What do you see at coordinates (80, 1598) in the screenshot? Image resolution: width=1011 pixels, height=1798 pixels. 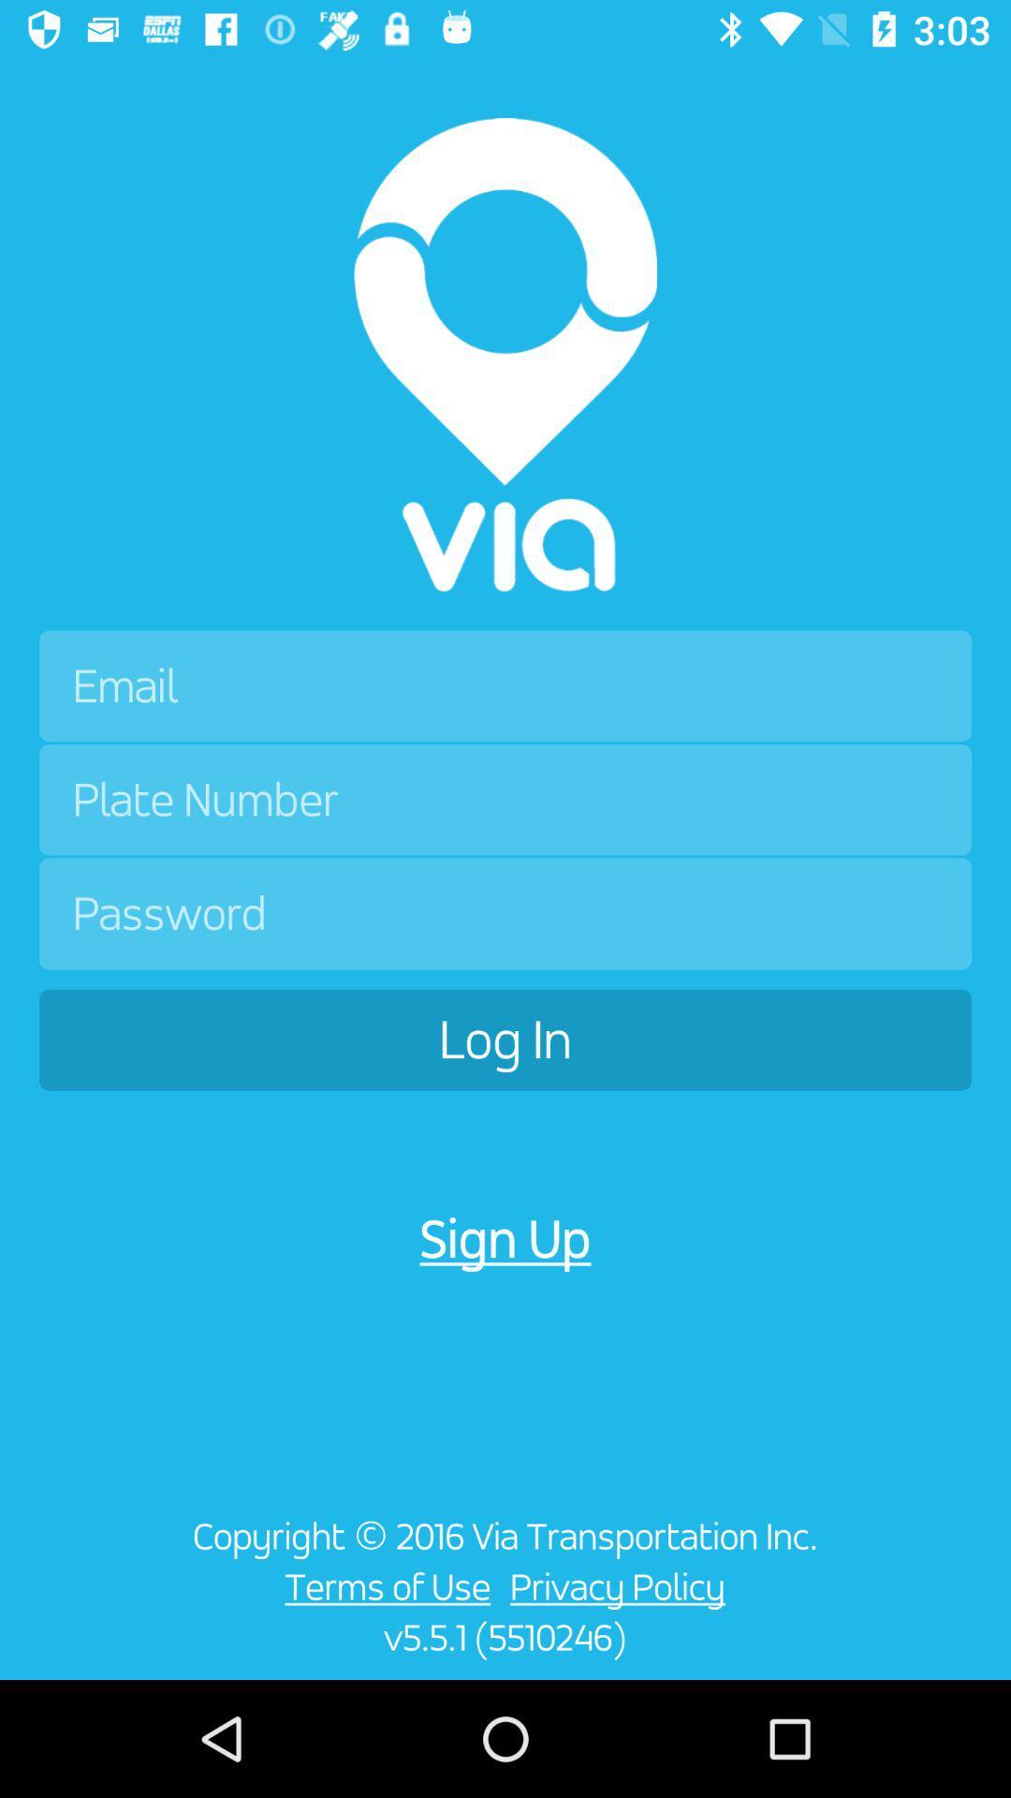 I see `item to the left of the terms of use icon` at bounding box center [80, 1598].